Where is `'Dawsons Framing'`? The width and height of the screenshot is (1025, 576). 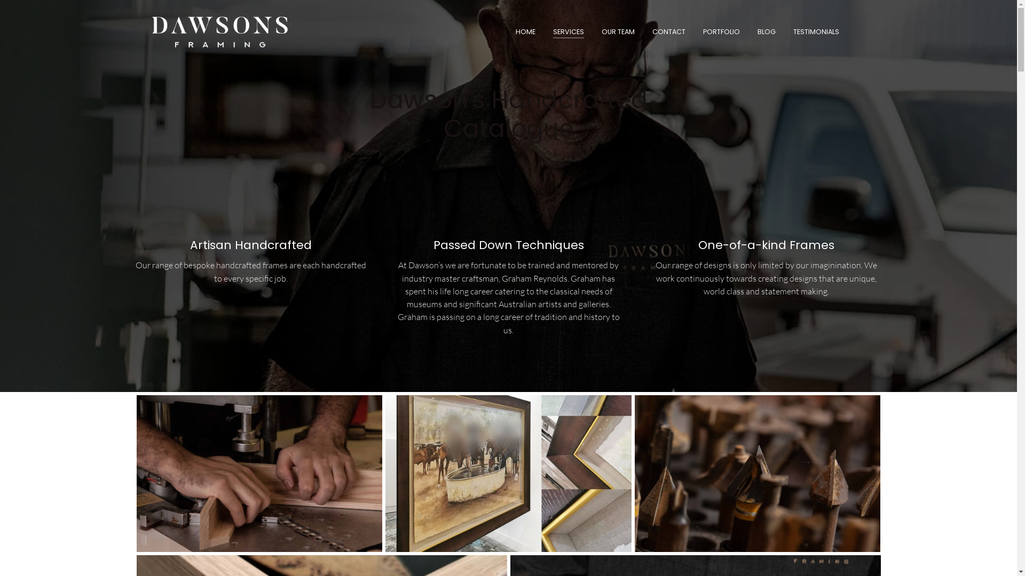 'Dawsons Framing' is located at coordinates (134, 31).